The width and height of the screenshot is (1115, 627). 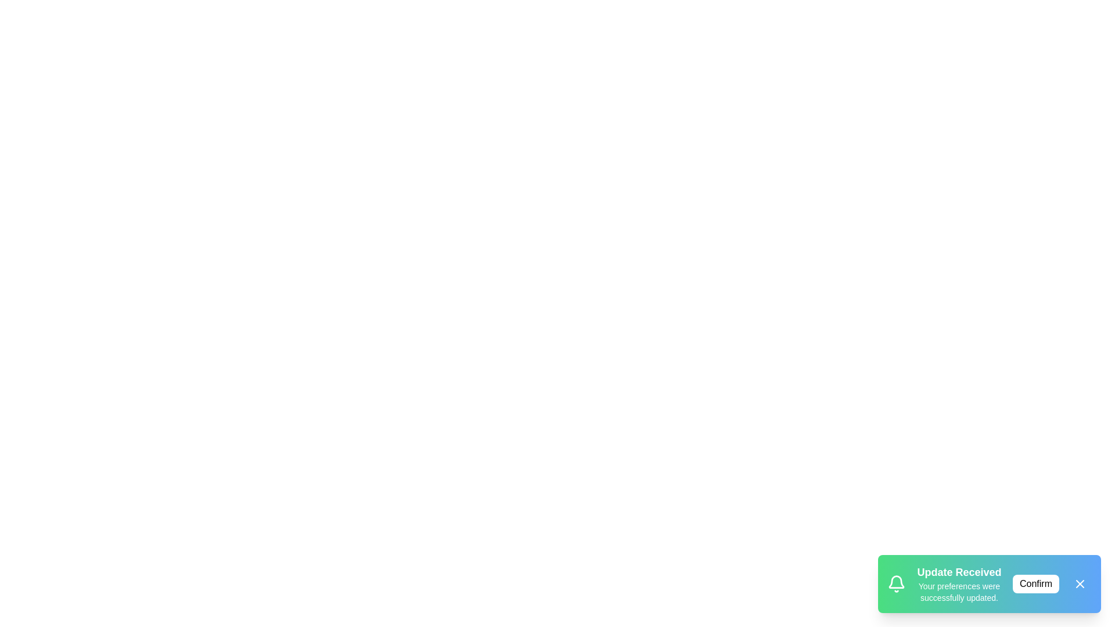 What do you see at coordinates (896, 584) in the screenshot?
I see `the bell icon to trigger the notification-related action` at bounding box center [896, 584].